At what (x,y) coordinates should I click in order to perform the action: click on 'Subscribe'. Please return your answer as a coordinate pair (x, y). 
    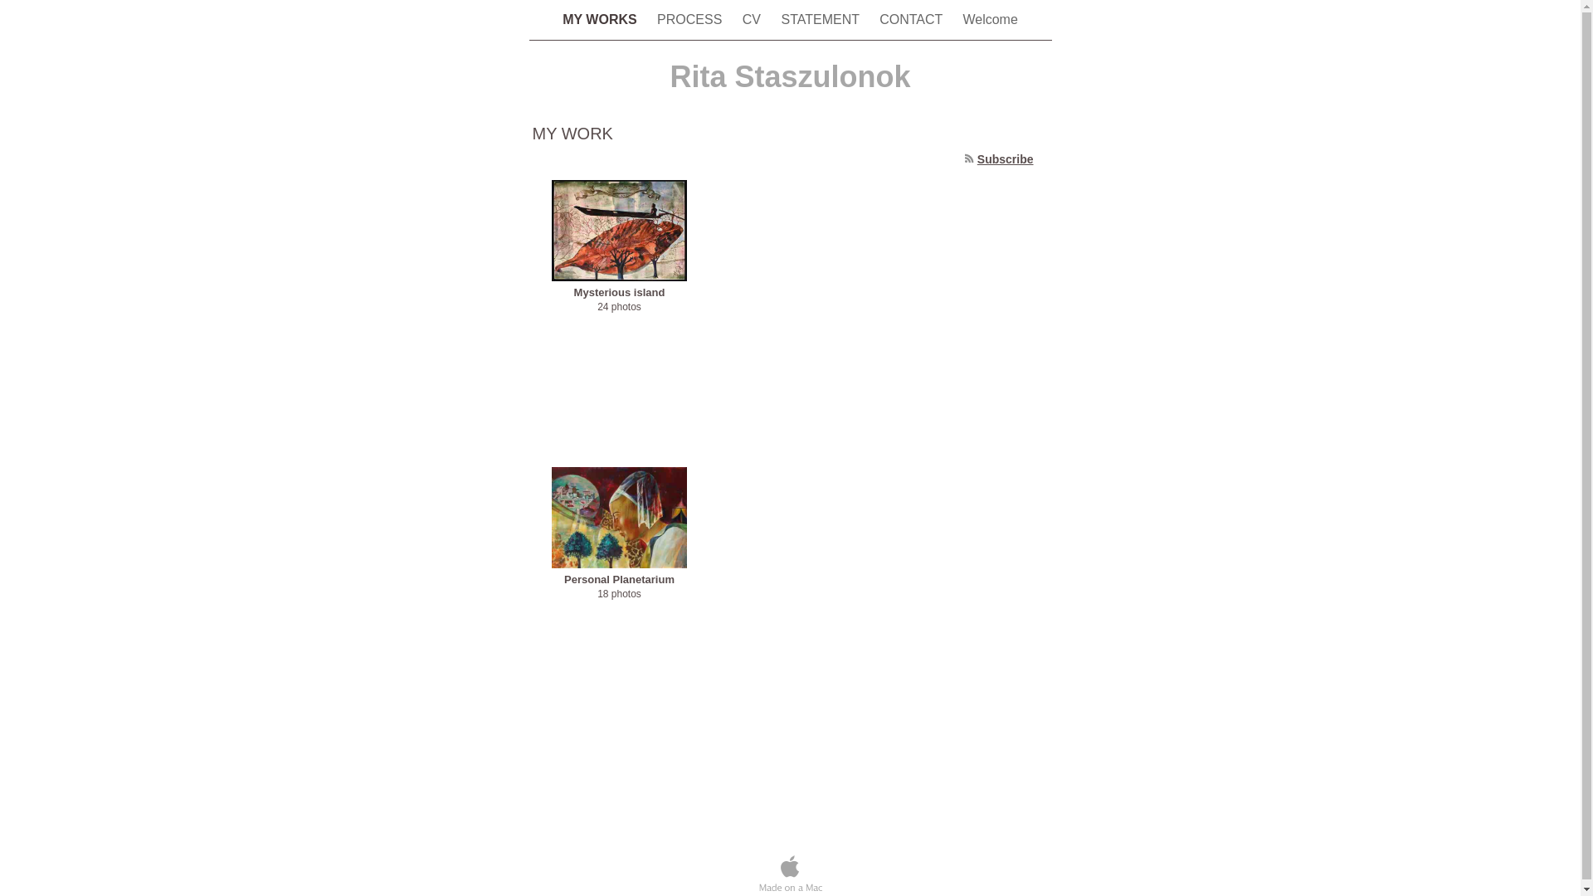
    Looking at the image, I should click on (1004, 159).